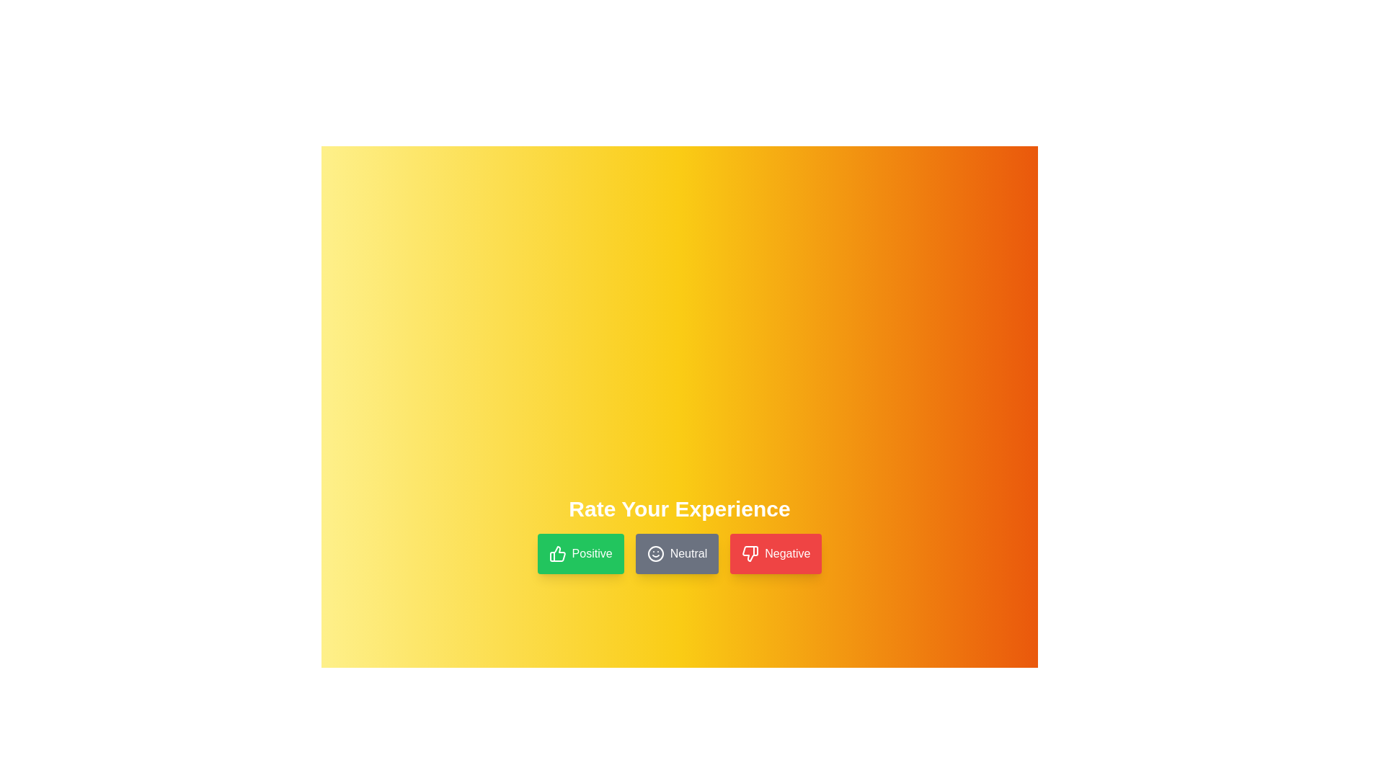 The image size is (1384, 778). I want to click on the green 'Positive' button containing the thumbs-up icon, so click(556, 553).